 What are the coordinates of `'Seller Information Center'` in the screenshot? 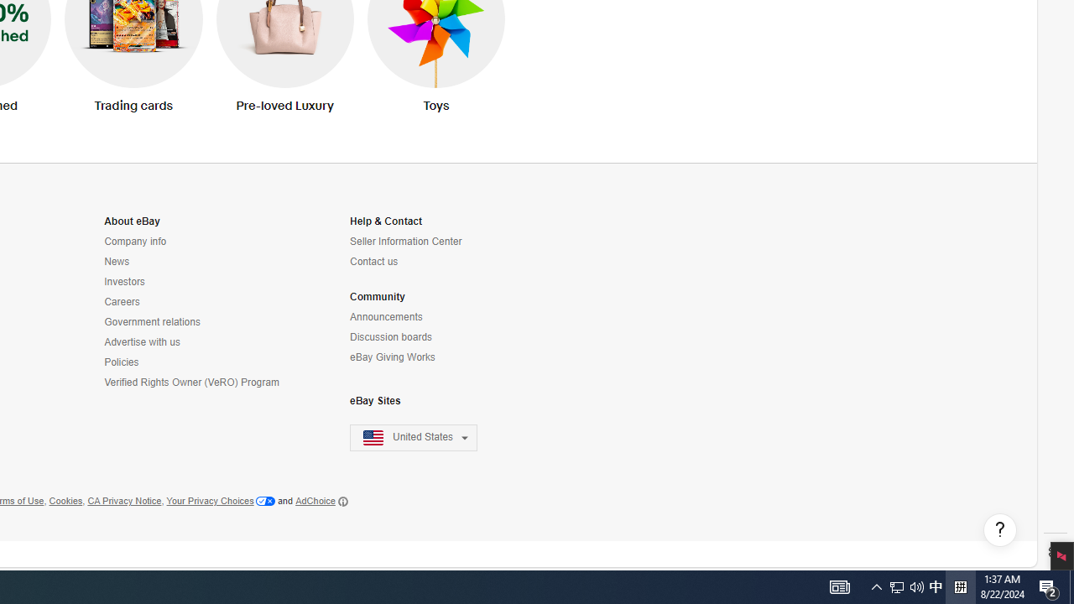 It's located at (424, 242).